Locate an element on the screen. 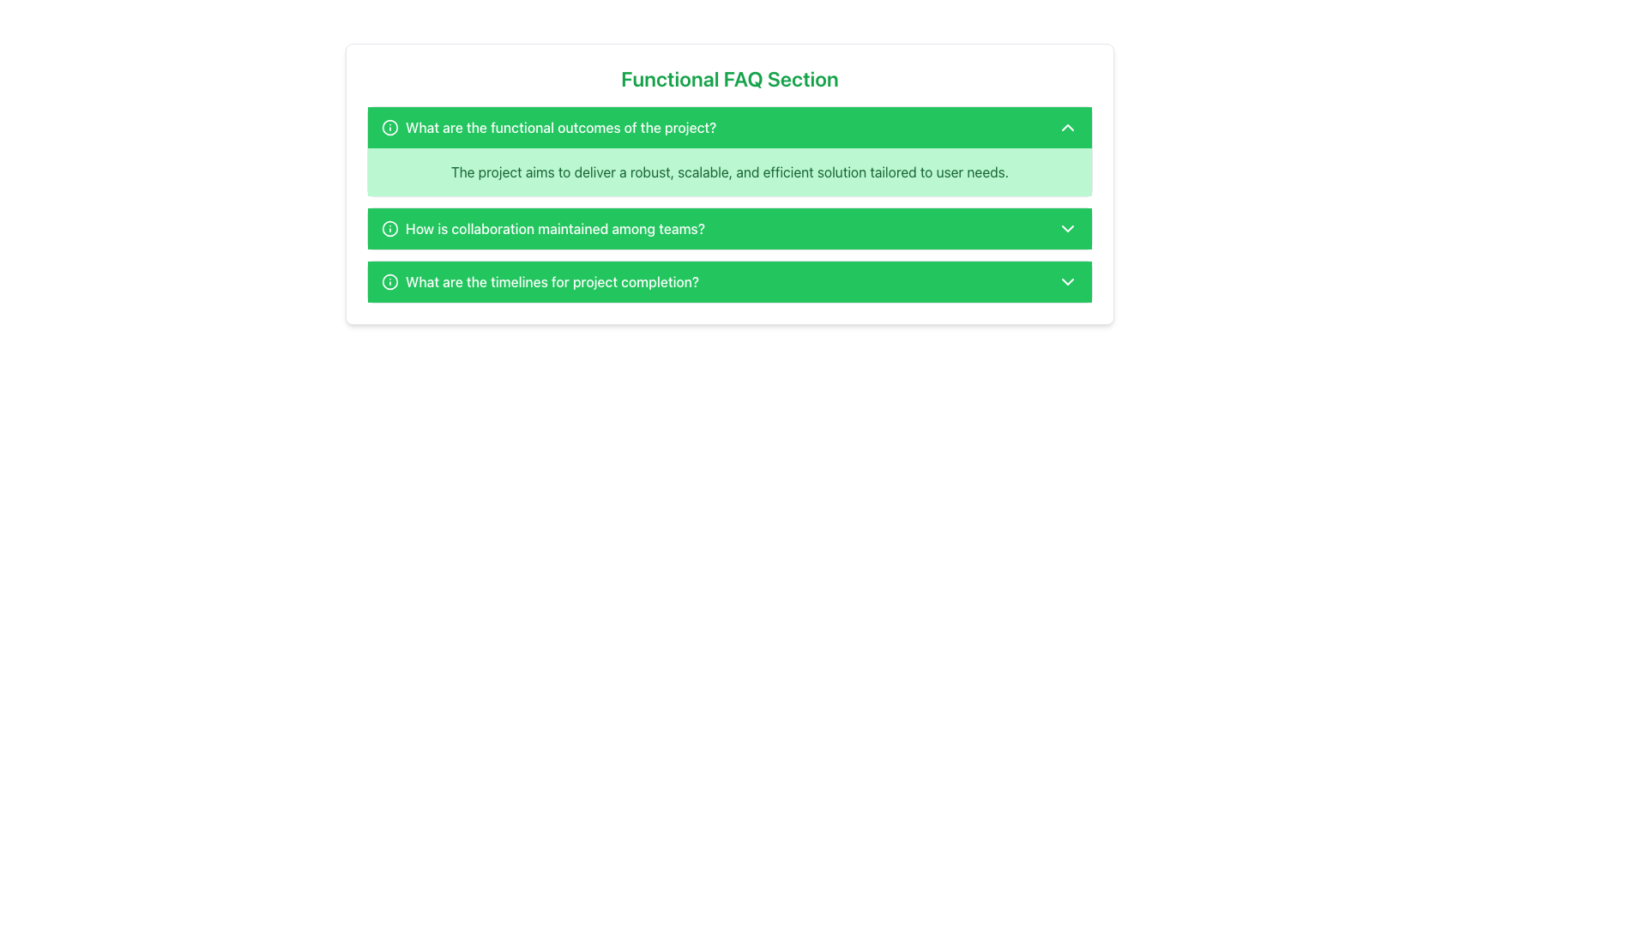 The image size is (1647, 926). the information icon located to the left of the FAQ titled 'How is collaboration maintained among teams?' is located at coordinates (389, 227).